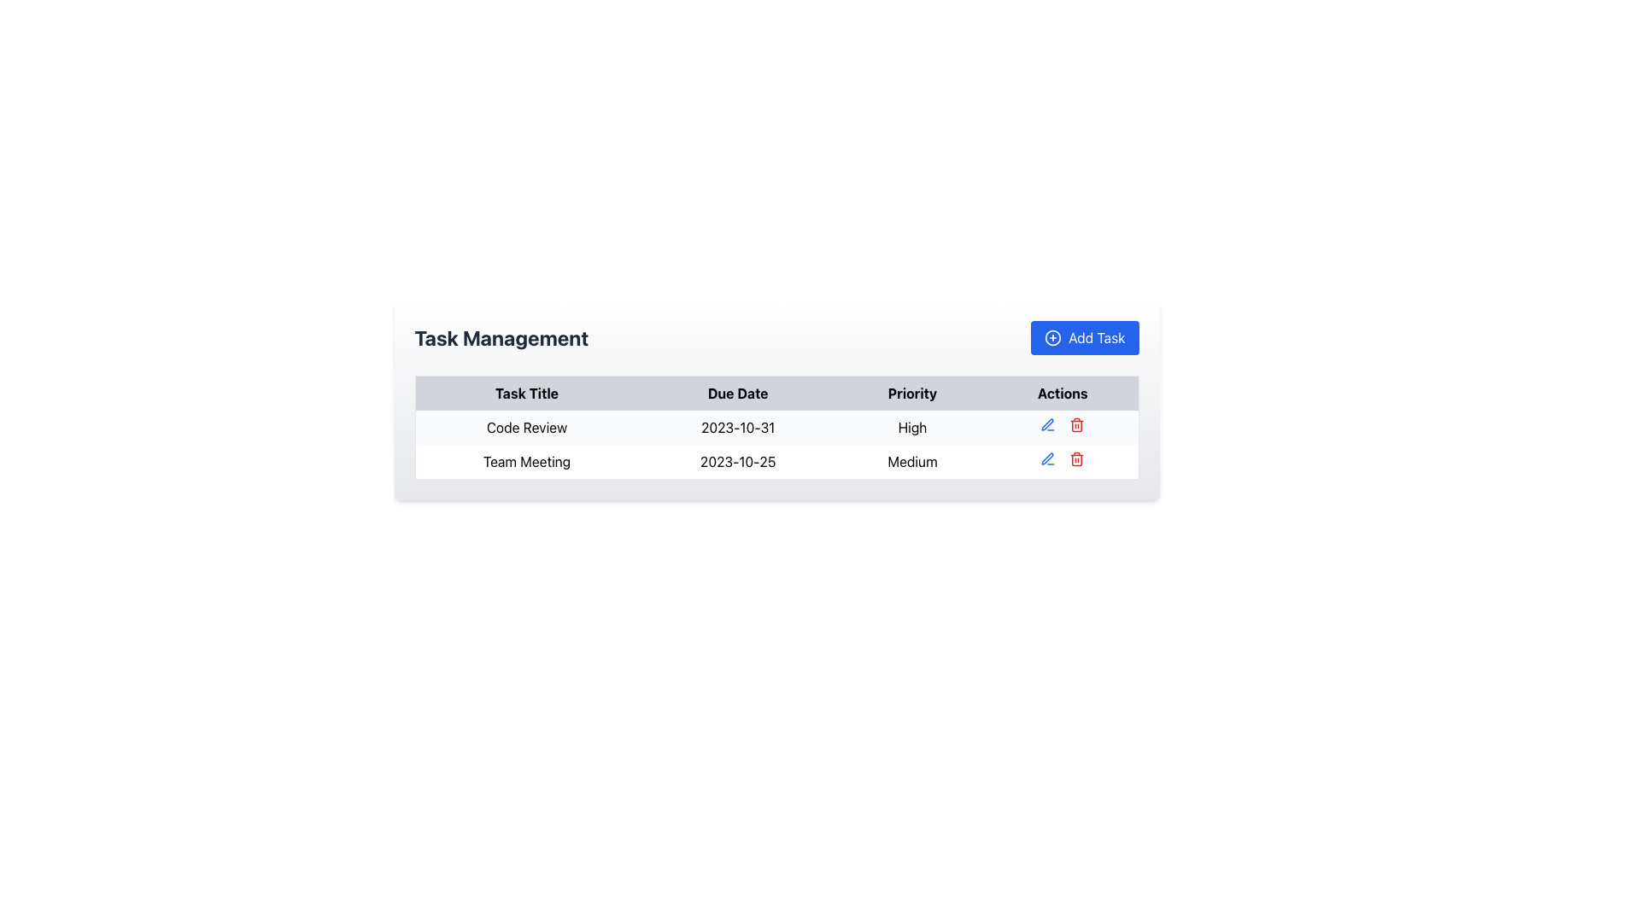  Describe the element at coordinates (911, 462) in the screenshot. I see `the 'Medium' priority label in the second row of the 'Task Management' table, located in the 'Priority' column, adjacent to the 'Due Date' value '2023-10-25'` at that location.